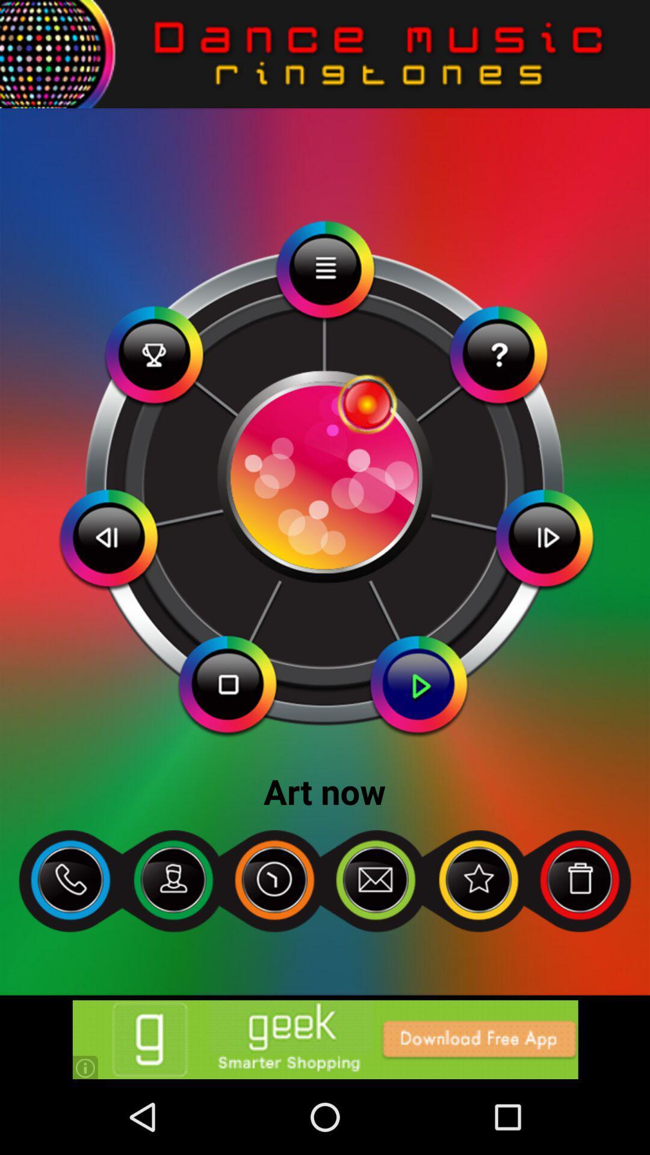 This screenshot has height=1155, width=650. I want to click on the follow icon, so click(172, 942).